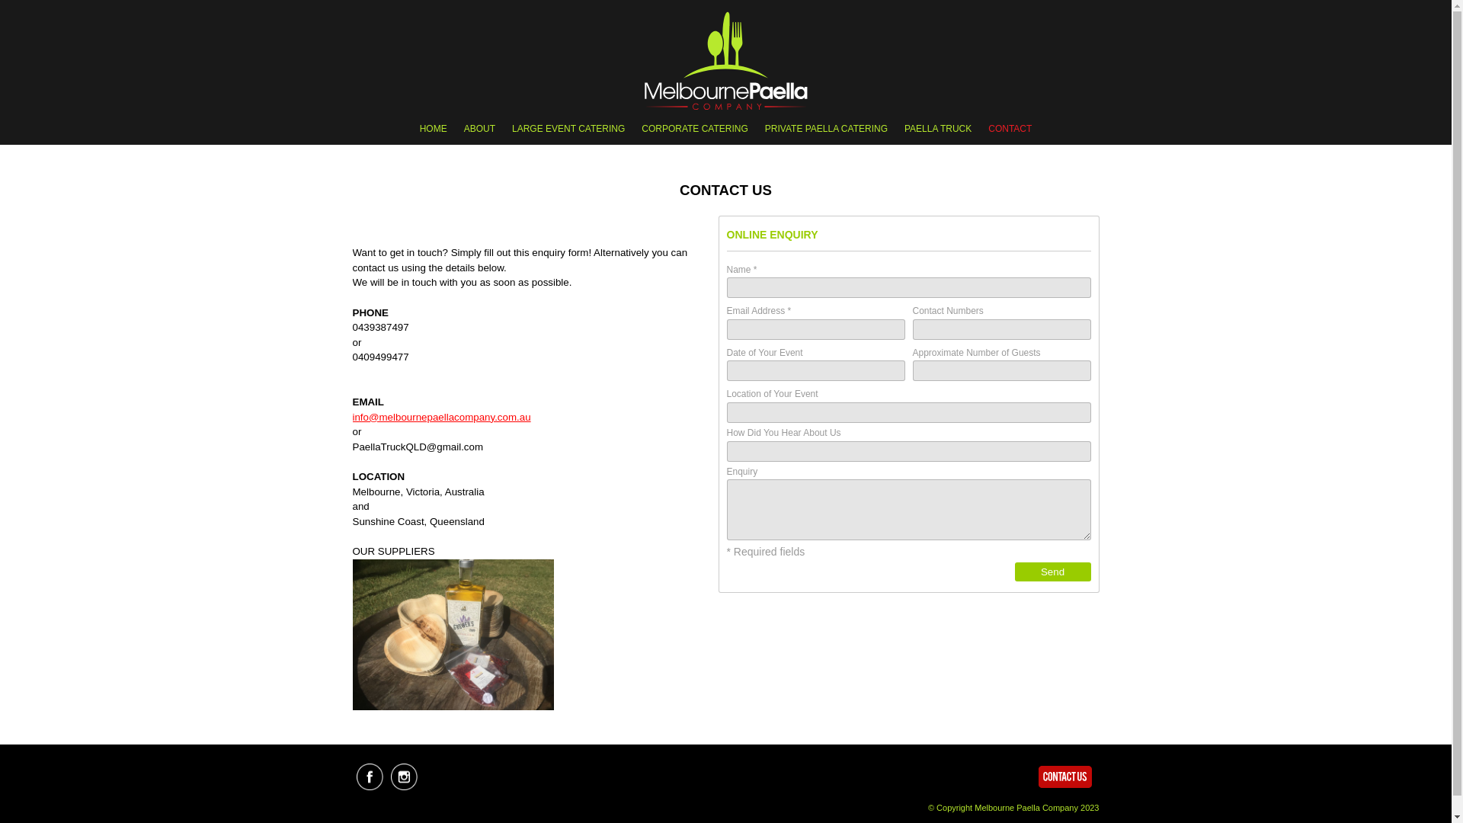 The height and width of the screenshot is (823, 1463). Describe the element at coordinates (825, 128) in the screenshot. I see `'PRIVATE PAELLA CATERING'` at that location.